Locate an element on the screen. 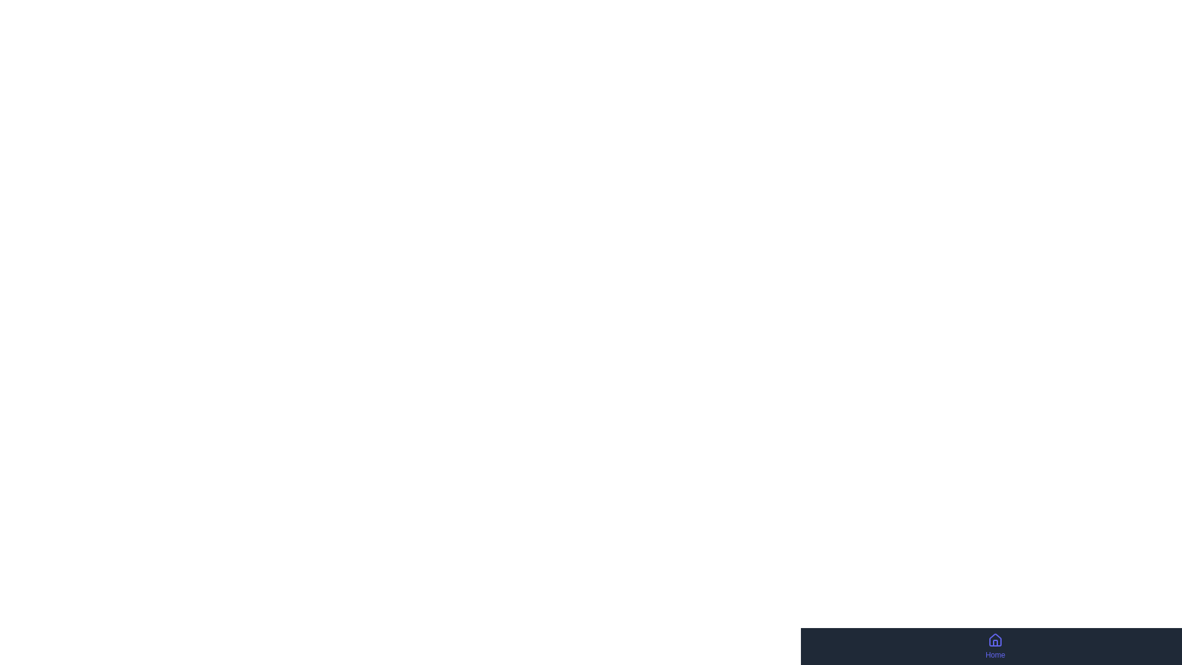 This screenshot has height=665, width=1182. the 'Home' text label, which is styled in small text and positioned below the house icon in the navigation element is located at coordinates (995, 655).